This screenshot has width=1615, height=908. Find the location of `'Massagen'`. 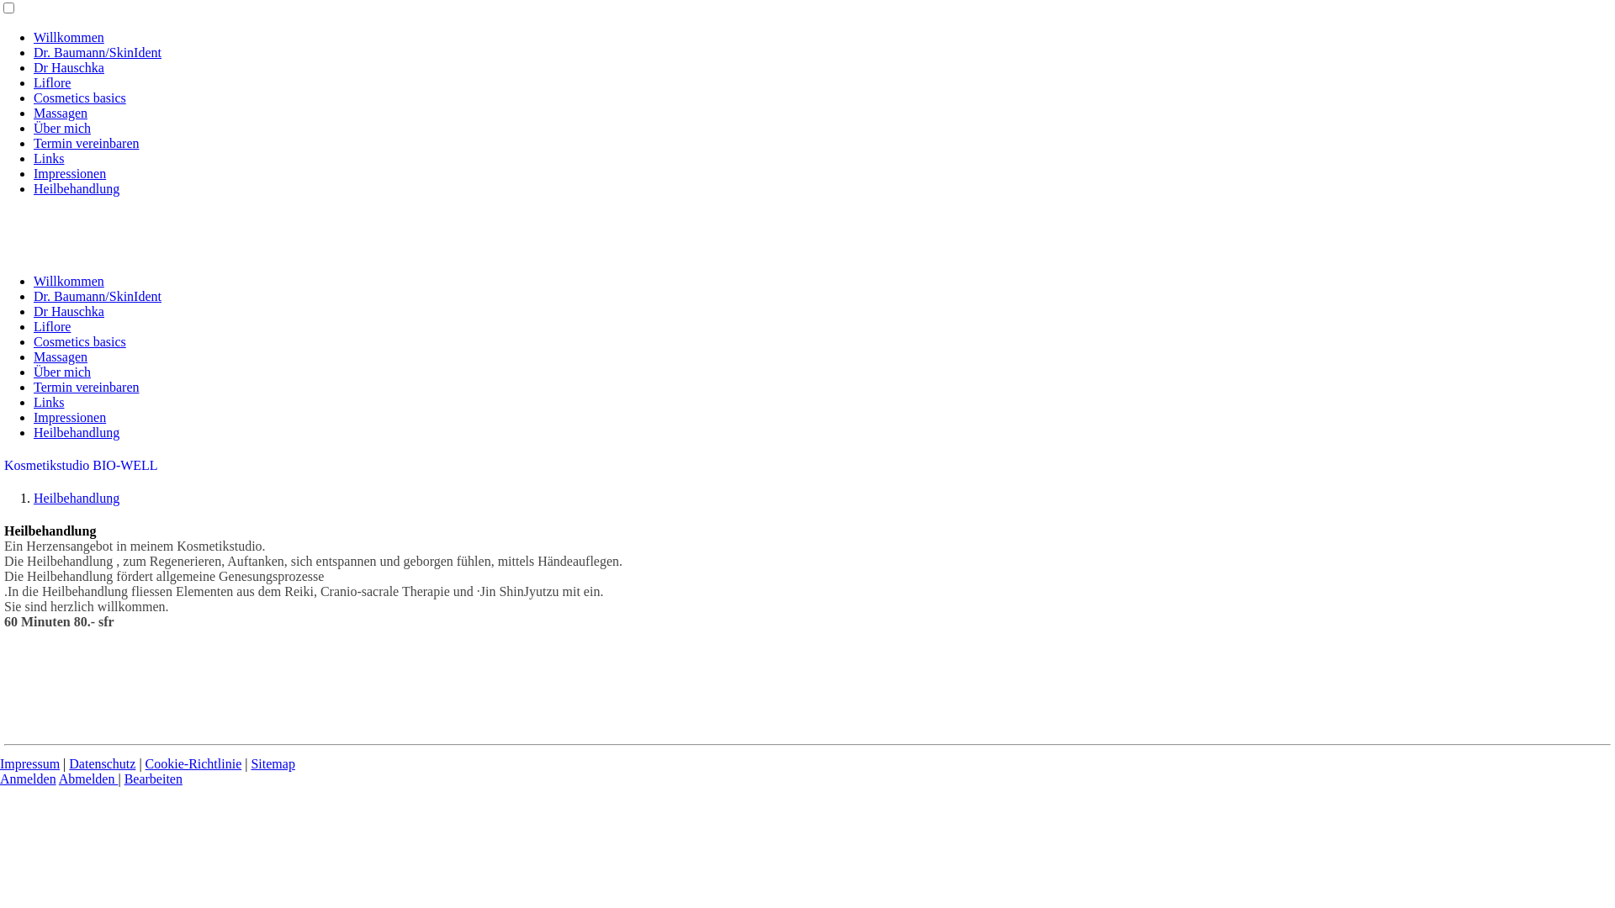

'Massagen' is located at coordinates (61, 113).